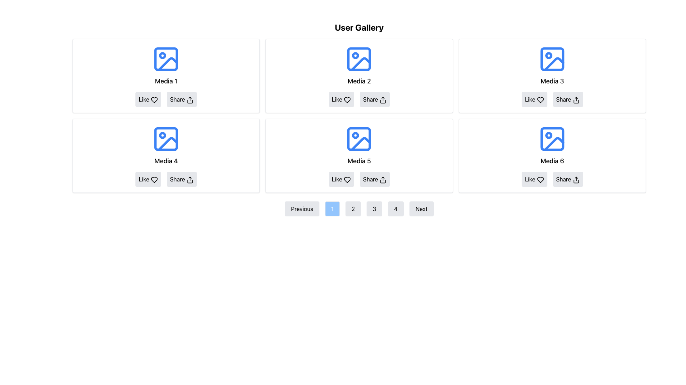  Describe the element at coordinates (166, 99) in the screenshot. I see `the 'Share' button located at the bottom center of the card labeled 'Media 1', which is styled with a gray background and includes a share symbol` at that location.